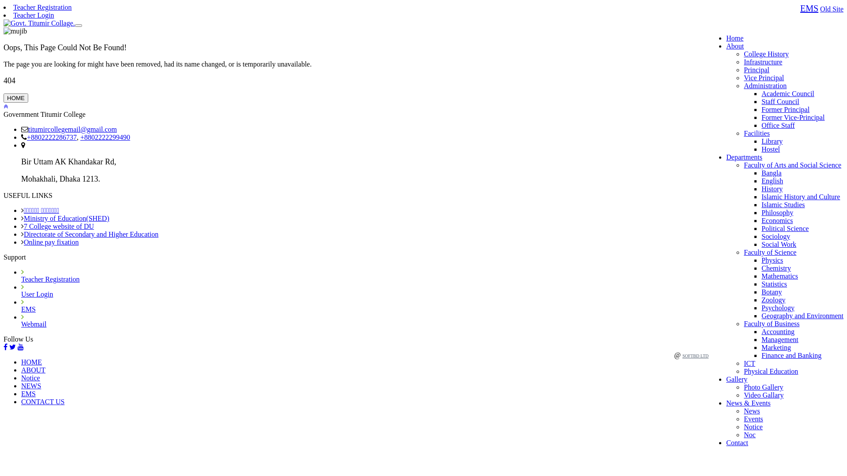 The height and width of the screenshot is (476, 847). I want to click on 'Old Site', so click(831, 9).